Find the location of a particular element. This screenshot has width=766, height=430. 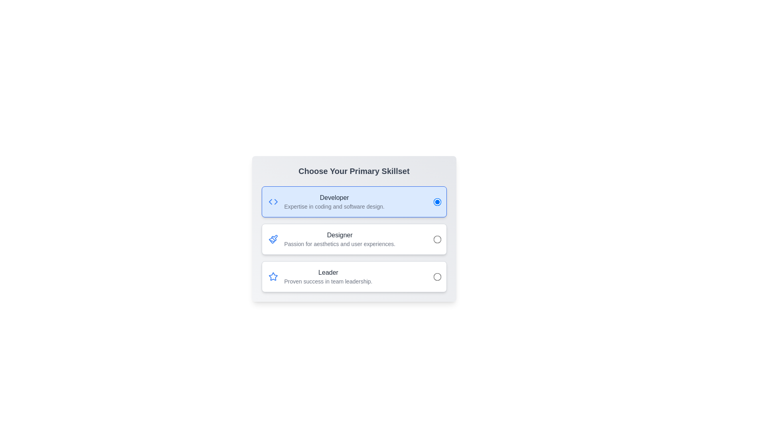

text block titled 'Developer' which includes the description 'Expertise in coding and software design.' located at the top of the selectable list is located at coordinates (334, 201).